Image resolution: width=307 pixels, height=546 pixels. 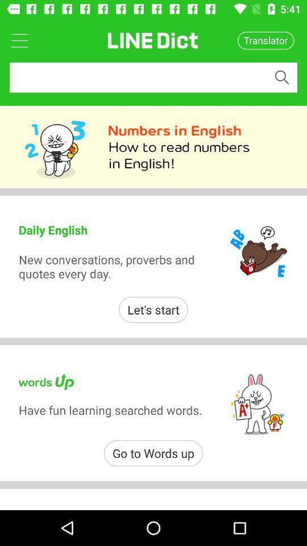 I want to click on open main menu, so click(x=19, y=40).